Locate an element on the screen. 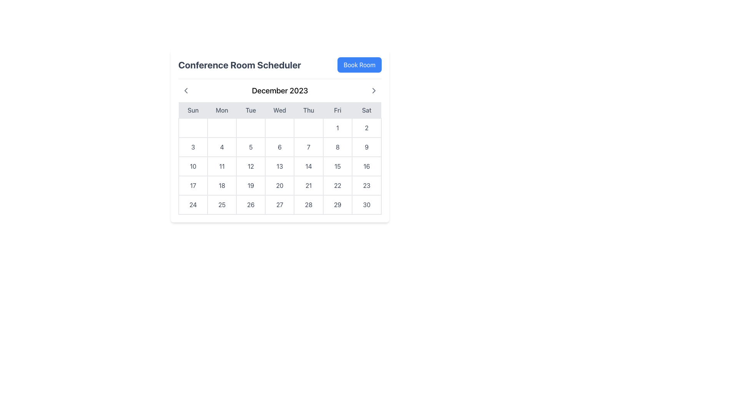 Image resolution: width=738 pixels, height=415 pixels. the Calendar Day Cell displaying '13' is located at coordinates (279, 166).